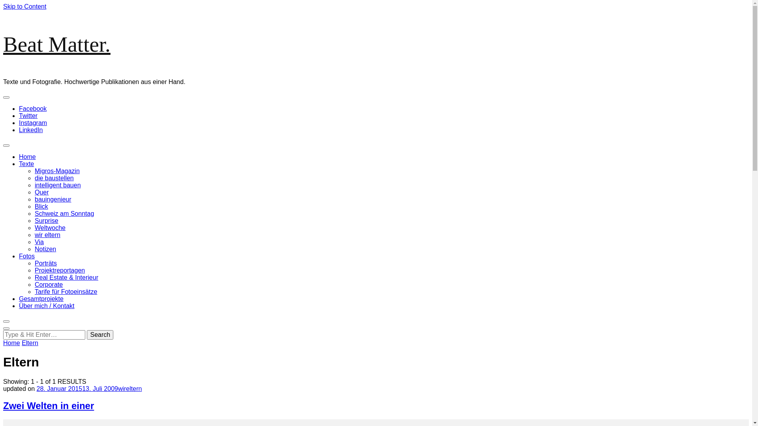 The width and height of the screenshot is (758, 426). I want to click on 'die baustellen', so click(54, 178).